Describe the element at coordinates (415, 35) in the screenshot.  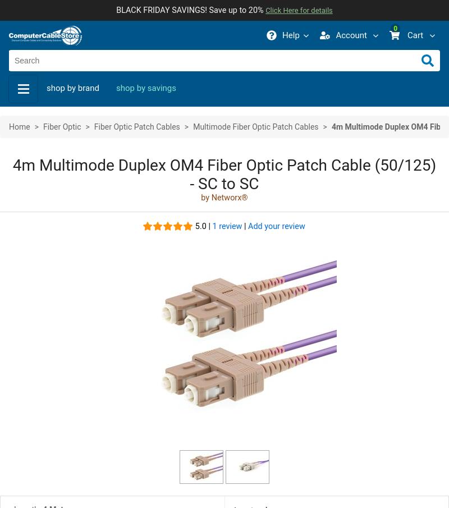
I see `'Cart'` at that location.